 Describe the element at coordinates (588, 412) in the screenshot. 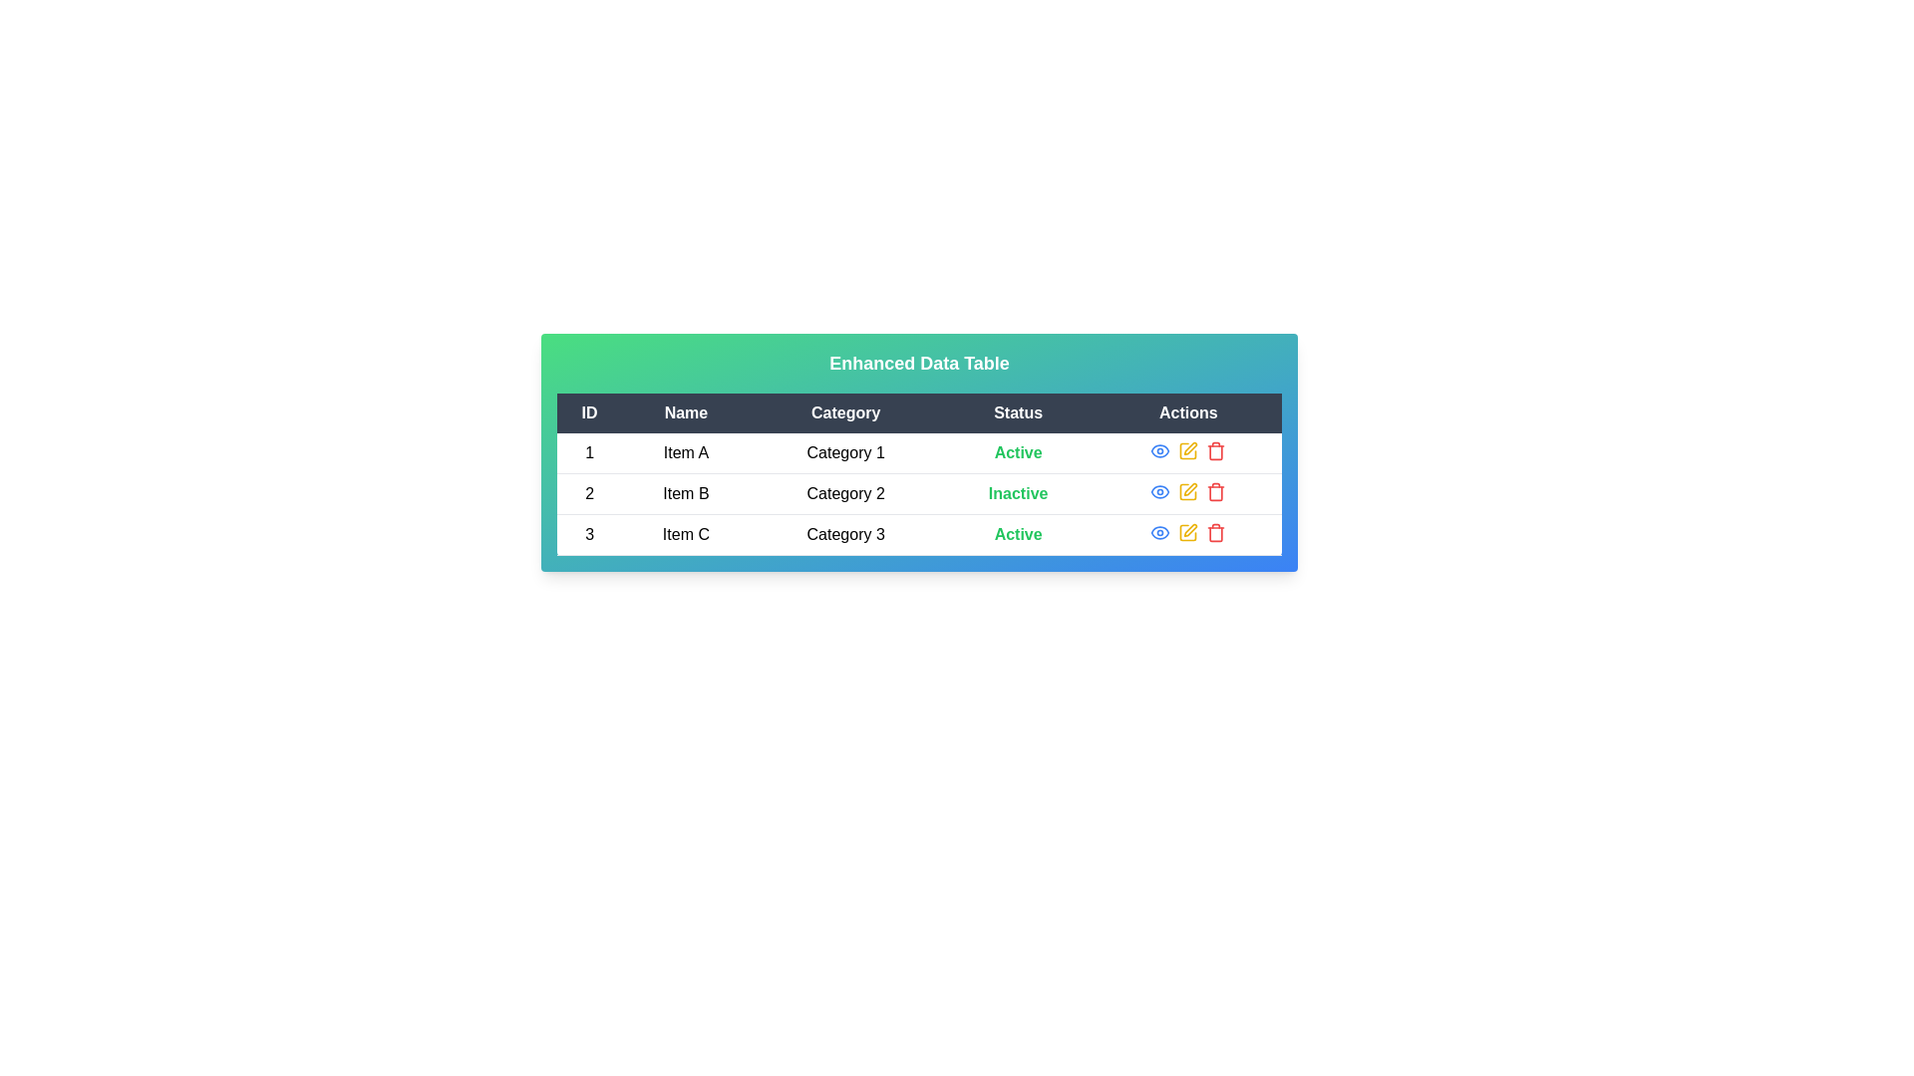

I see `the column header 'ID' to sort the rows by that column` at that location.